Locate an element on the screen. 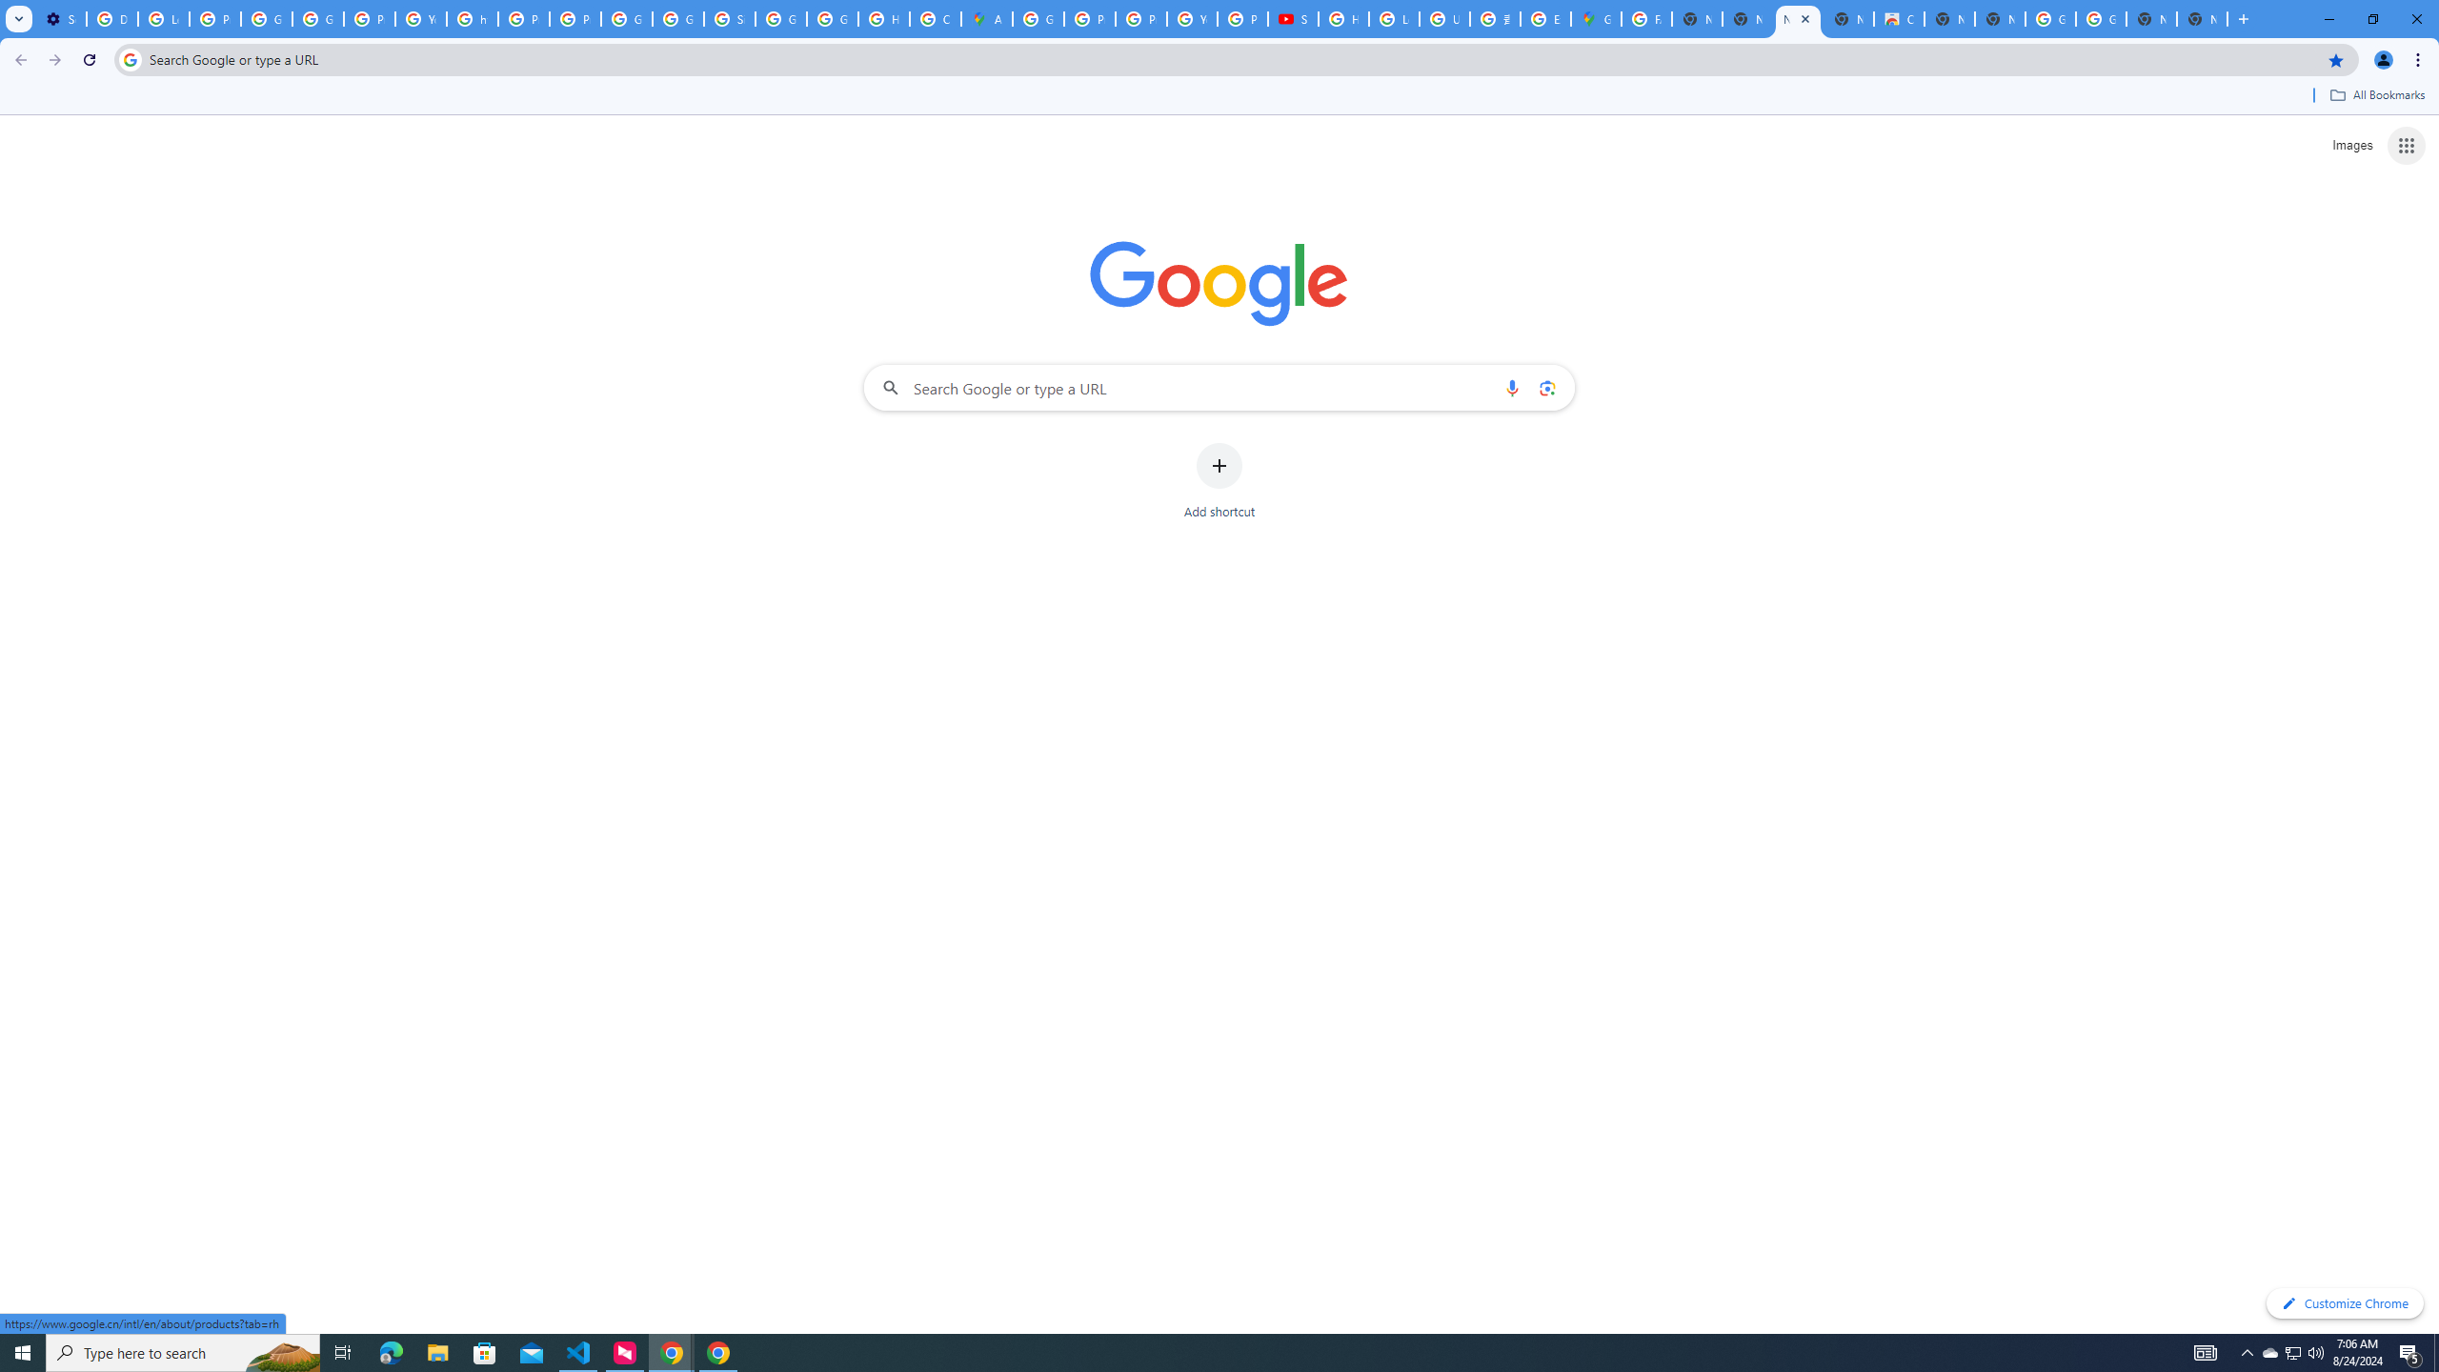 This screenshot has width=2439, height=1372. 'Search Google or type a URL' is located at coordinates (1219, 386).